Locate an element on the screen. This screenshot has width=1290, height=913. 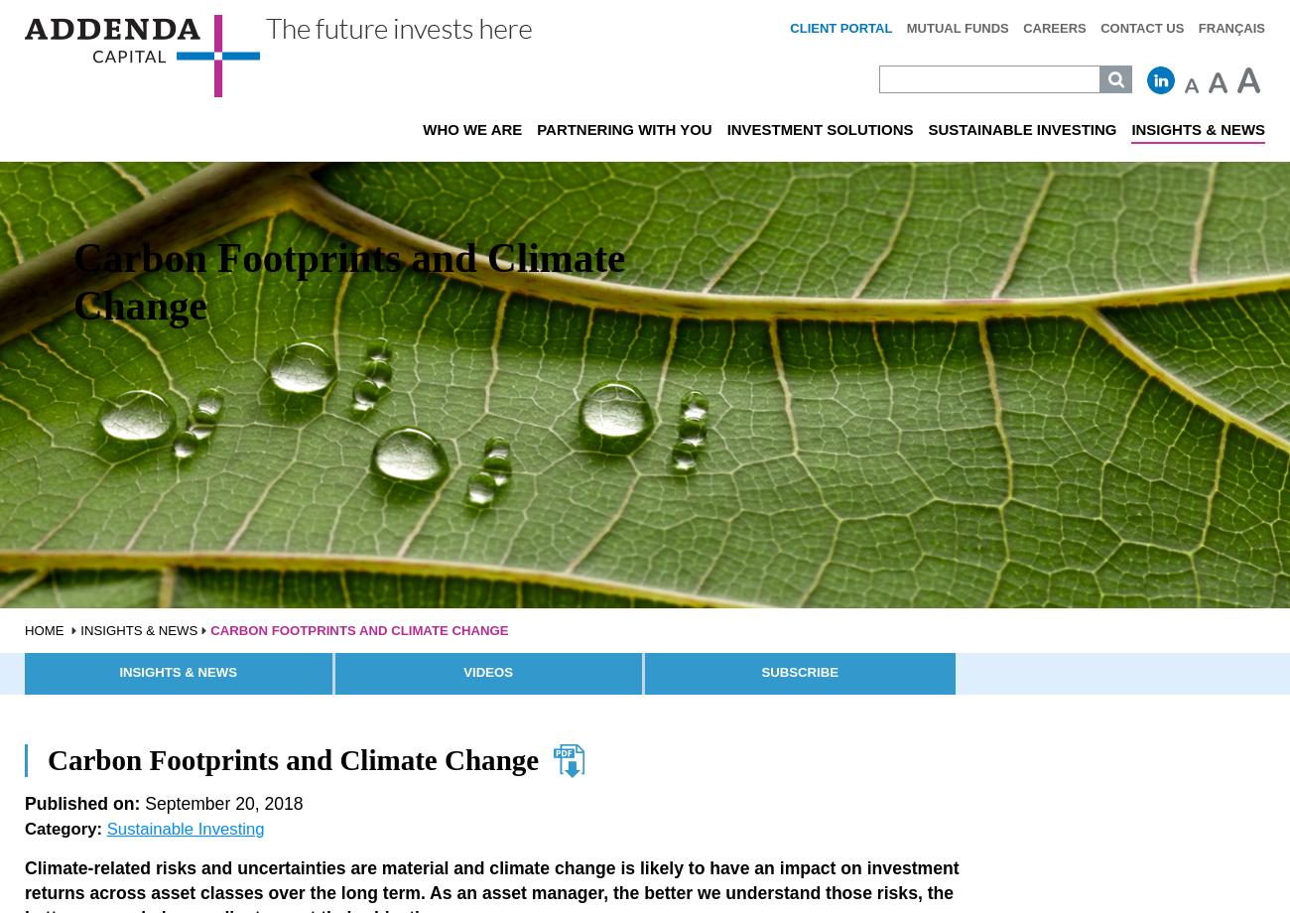
'Mutual Funds' is located at coordinates (957, 28).